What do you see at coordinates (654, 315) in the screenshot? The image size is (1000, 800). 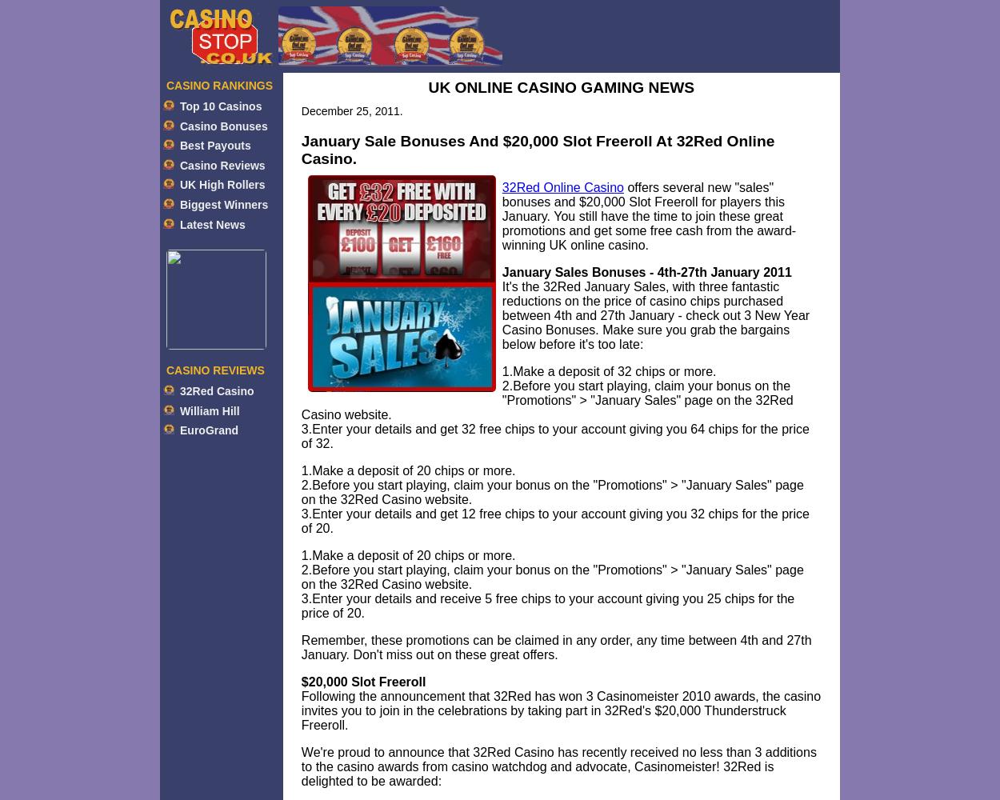 I see `'It's the 32Red January Sales, with three fantastic reductions on the price of casino chips purchased between 4th and 27th January - check out 3 New Year Casino Bonuses. Make sure you grab the bargains below before it's too late:'` at bounding box center [654, 315].